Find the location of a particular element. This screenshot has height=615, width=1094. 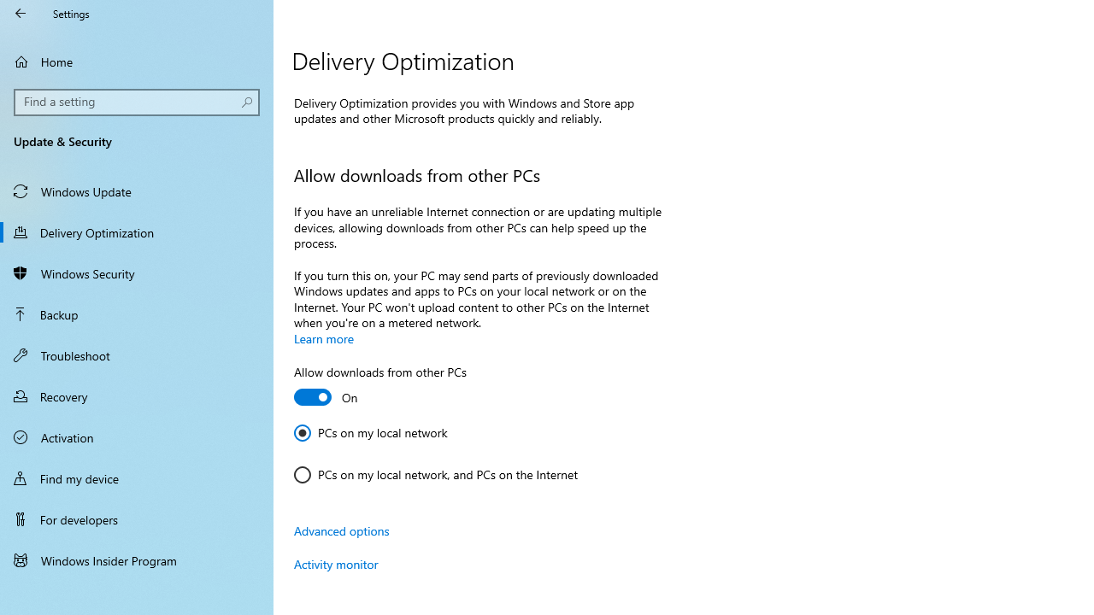

'Backup' is located at coordinates (137, 313).